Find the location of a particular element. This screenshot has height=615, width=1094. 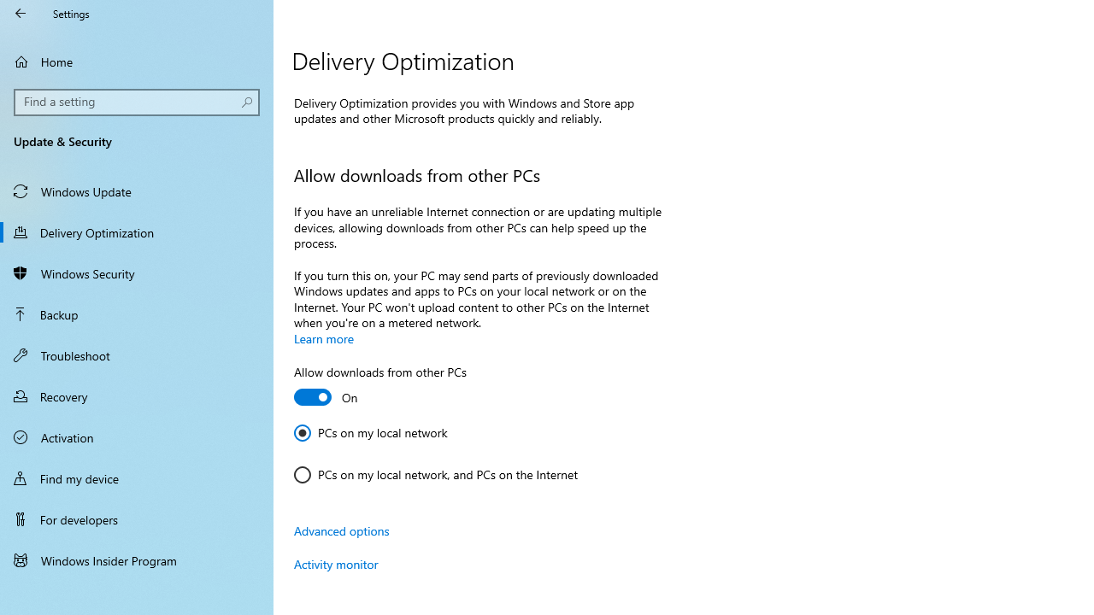

'Backup' is located at coordinates (137, 313).